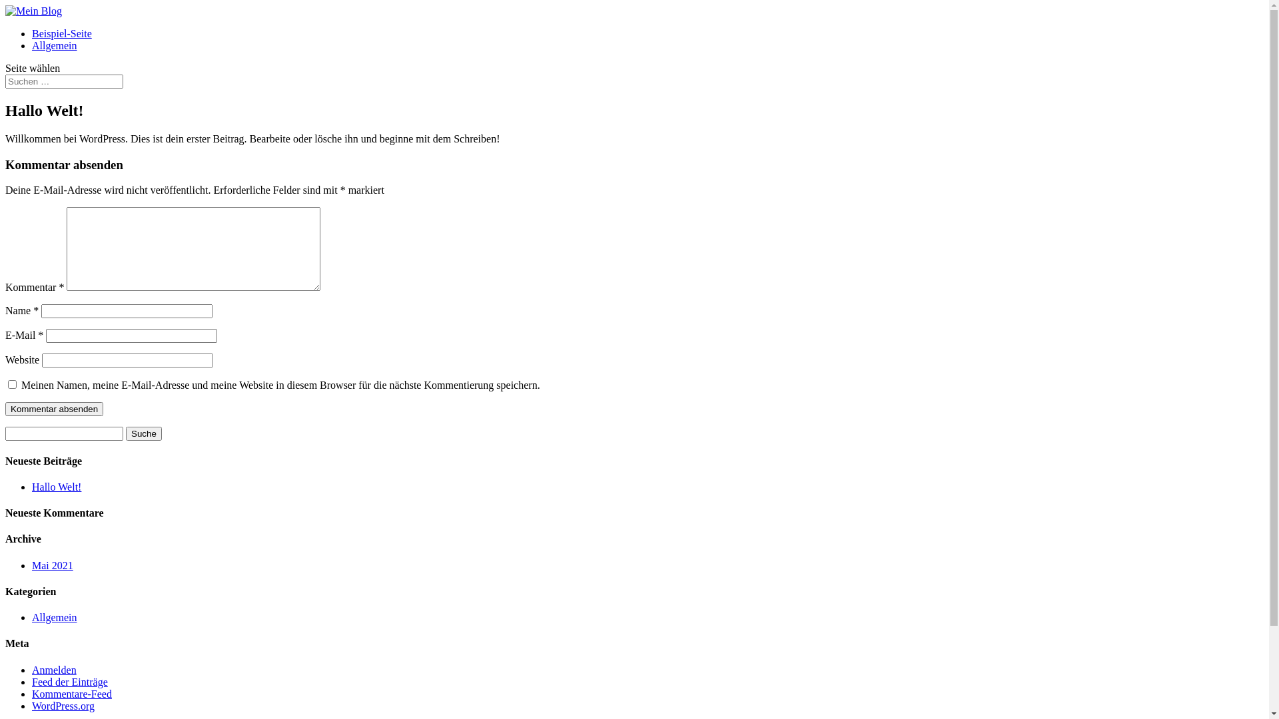  Describe the element at coordinates (63, 705) in the screenshot. I see `'WordPress.org'` at that location.